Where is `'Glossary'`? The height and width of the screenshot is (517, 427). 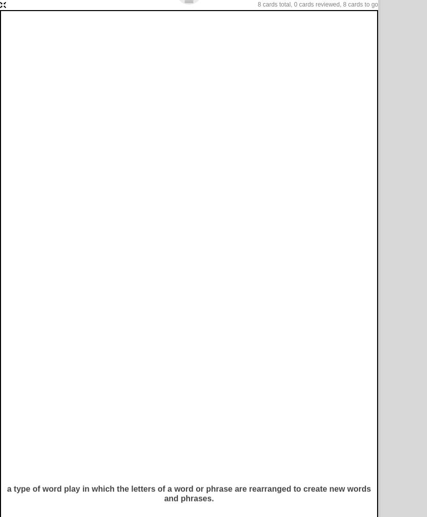
'Glossary' is located at coordinates (140, 64).